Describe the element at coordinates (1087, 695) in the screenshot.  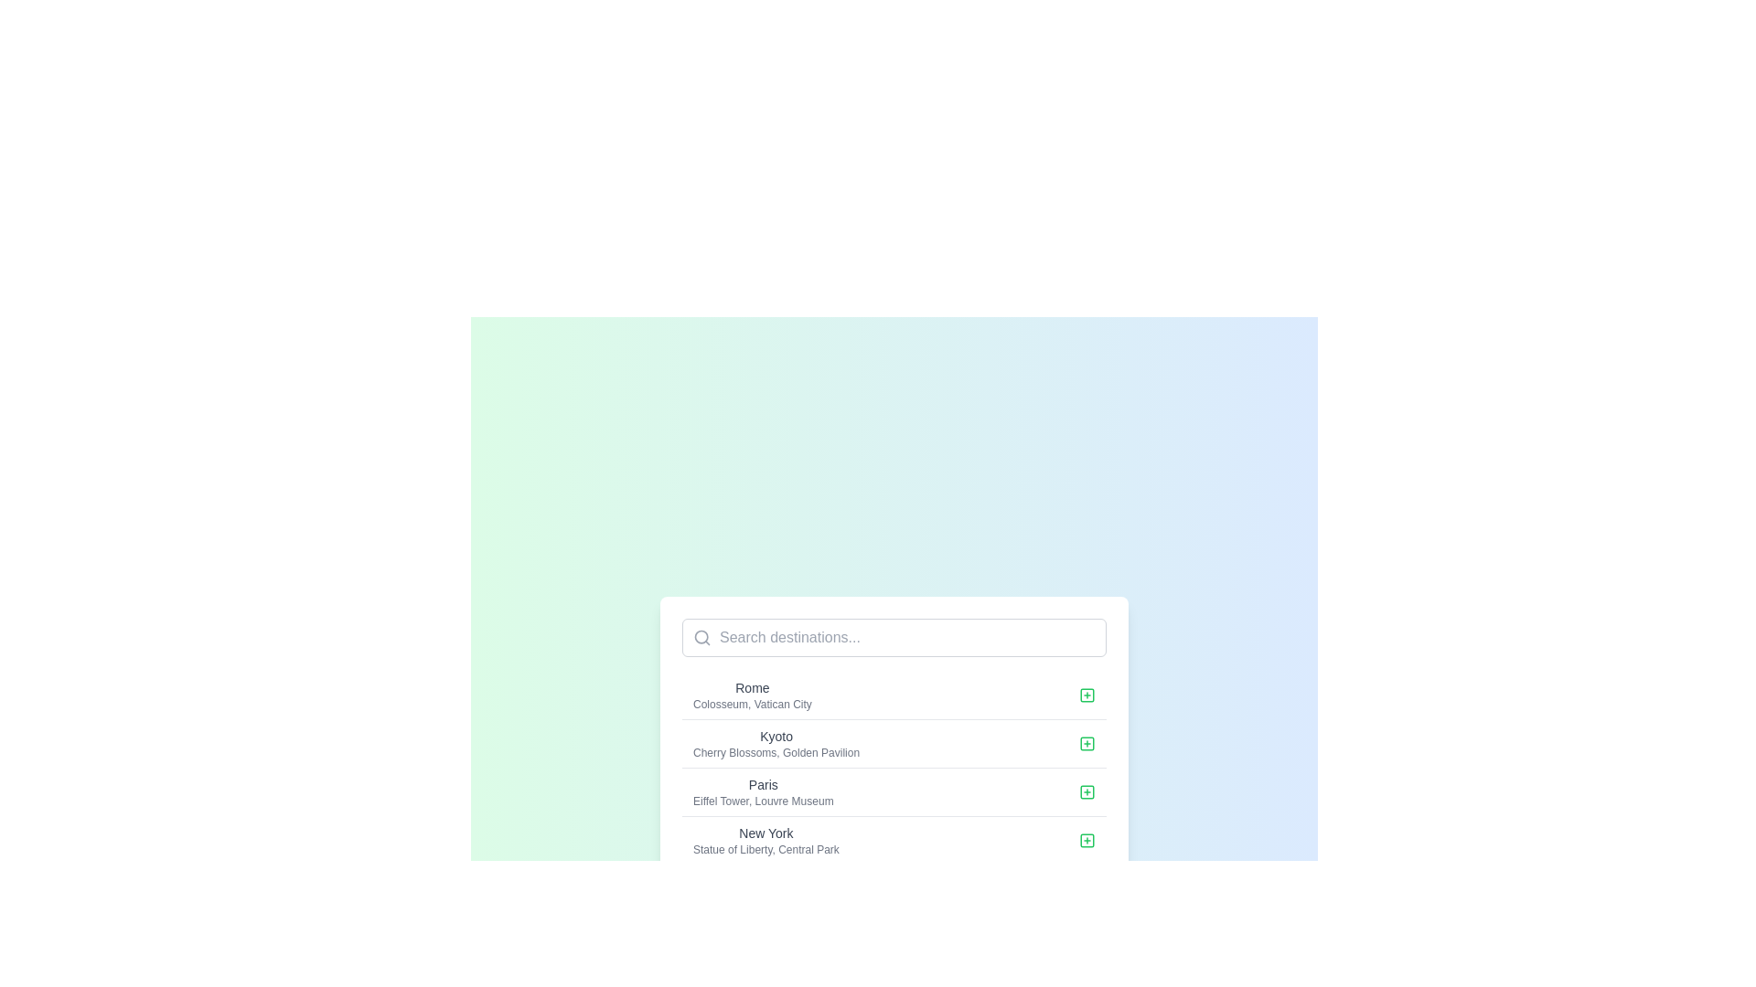
I see `the green outlined square button with a plus sign centered within it, located to the right of the 'Rome Colosseum, Vatican City' text, to initiate an addition action` at that location.